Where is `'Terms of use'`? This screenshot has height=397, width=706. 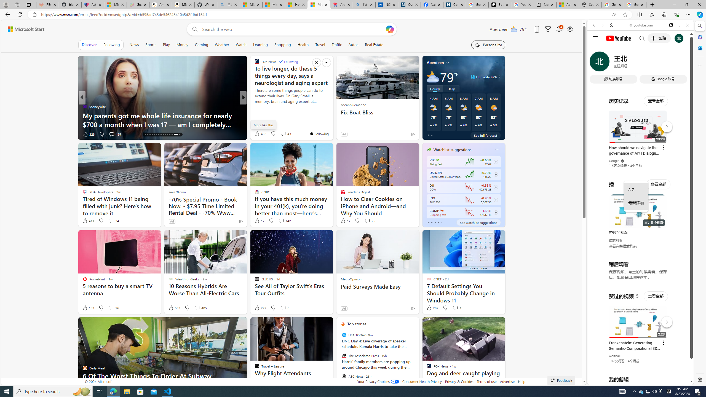 'Terms of use' is located at coordinates (487, 381).